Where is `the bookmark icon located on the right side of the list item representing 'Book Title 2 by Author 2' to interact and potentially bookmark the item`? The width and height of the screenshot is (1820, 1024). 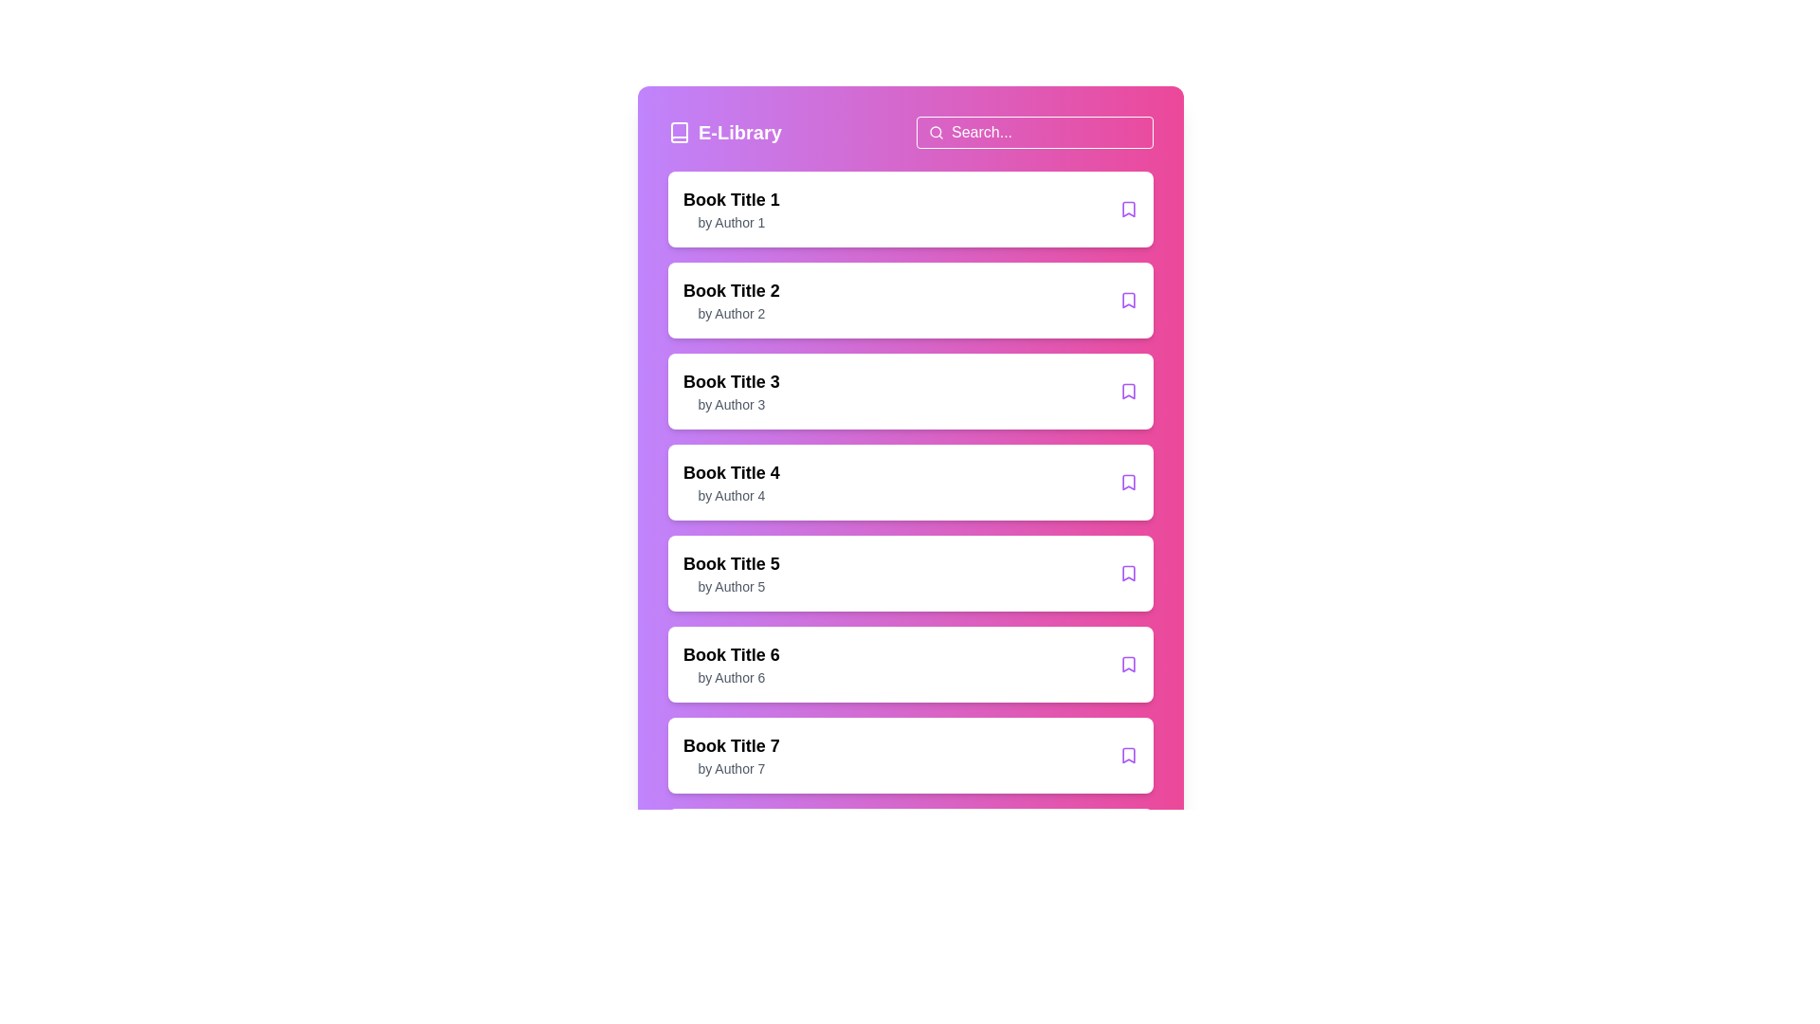
the bookmark icon located on the right side of the list item representing 'Book Title 2 by Author 2' to interact and potentially bookmark the item is located at coordinates (1128, 299).